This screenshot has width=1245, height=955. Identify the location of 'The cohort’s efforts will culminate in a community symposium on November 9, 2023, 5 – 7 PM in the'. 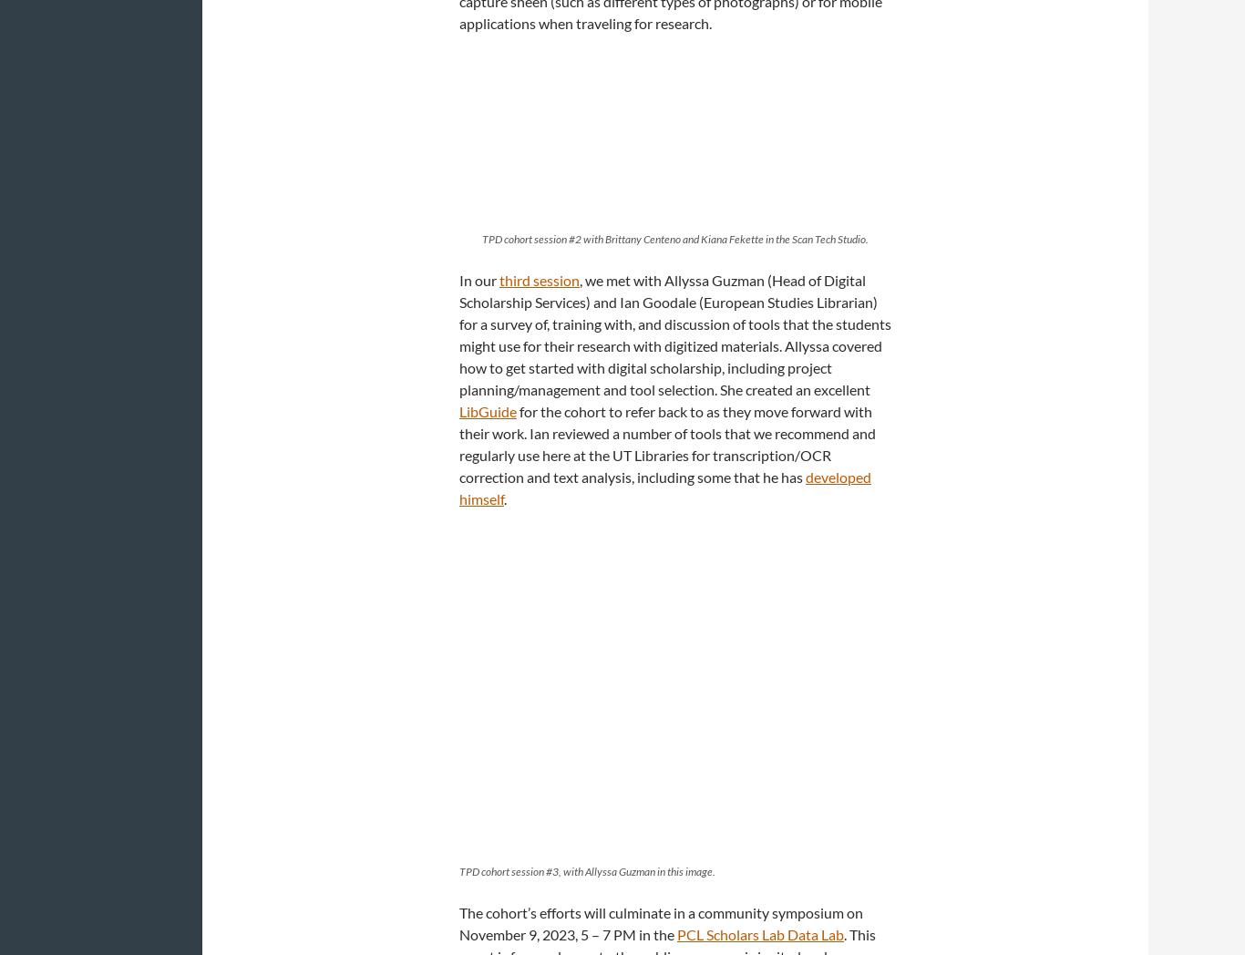
(661, 923).